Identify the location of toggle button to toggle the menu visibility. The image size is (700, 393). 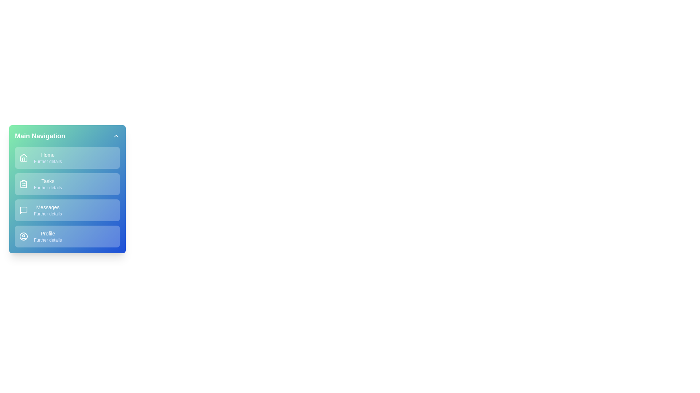
(116, 136).